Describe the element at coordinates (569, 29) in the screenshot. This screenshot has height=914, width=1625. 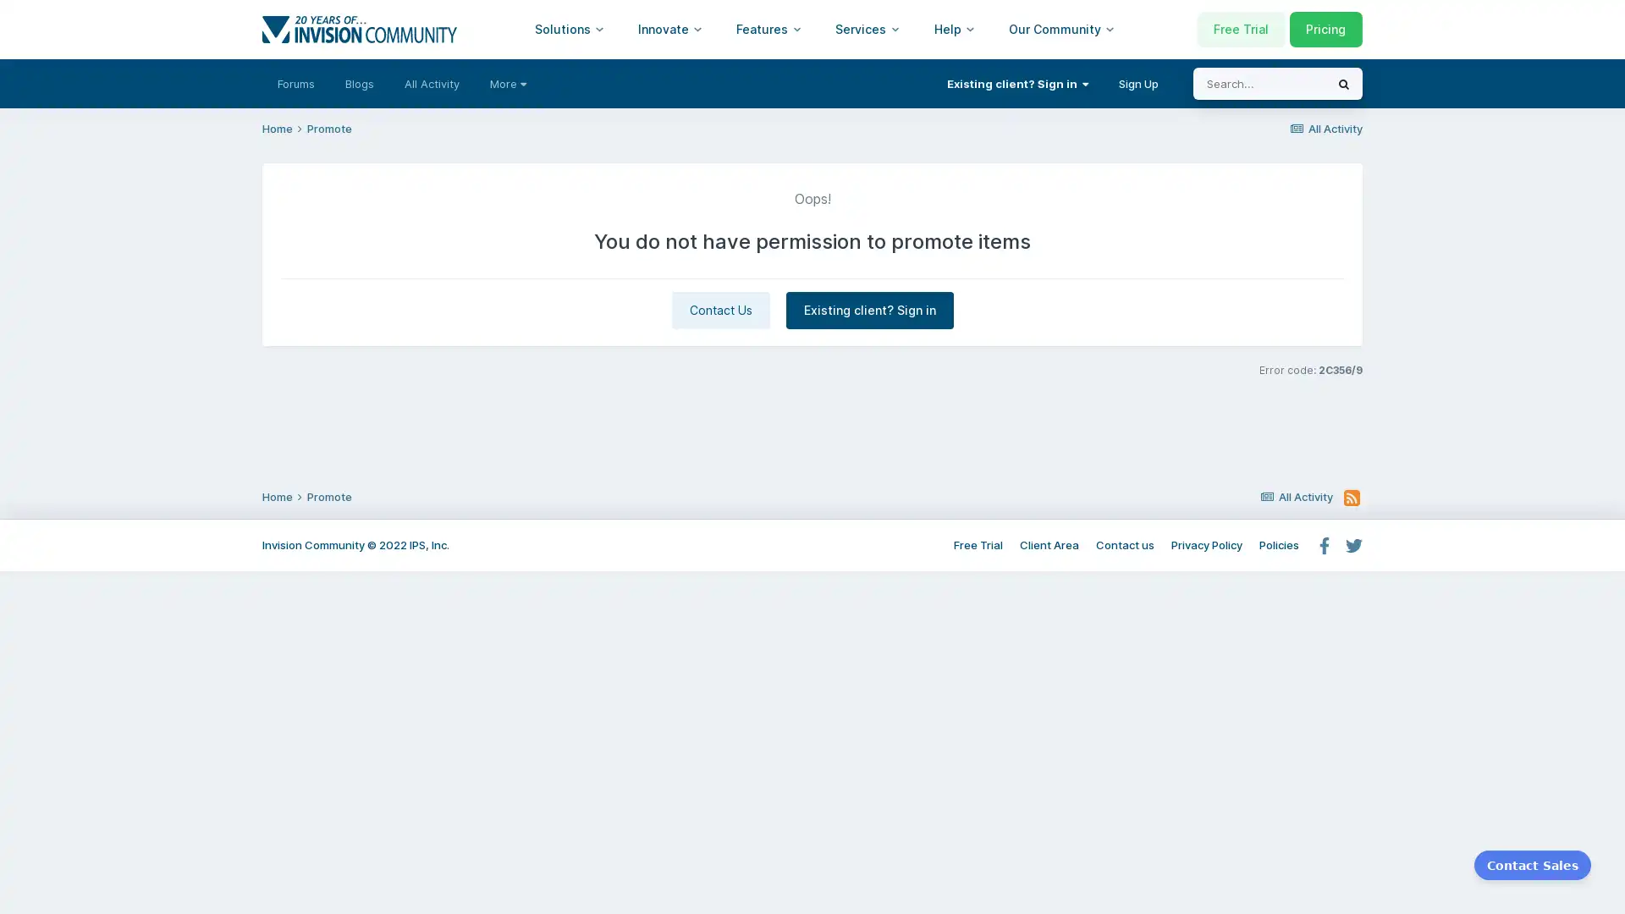
I see `Solutions` at that location.